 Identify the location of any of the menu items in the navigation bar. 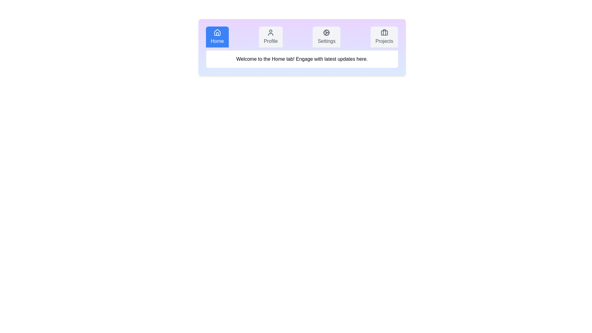
(302, 38).